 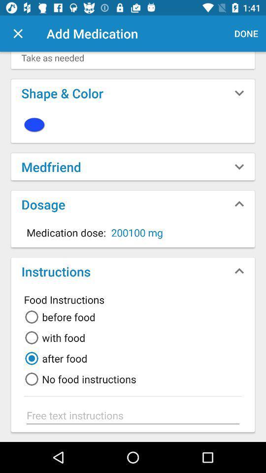 What do you see at coordinates (246, 34) in the screenshot?
I see `the icon next to add medication item` at bounding box center [246, 34].